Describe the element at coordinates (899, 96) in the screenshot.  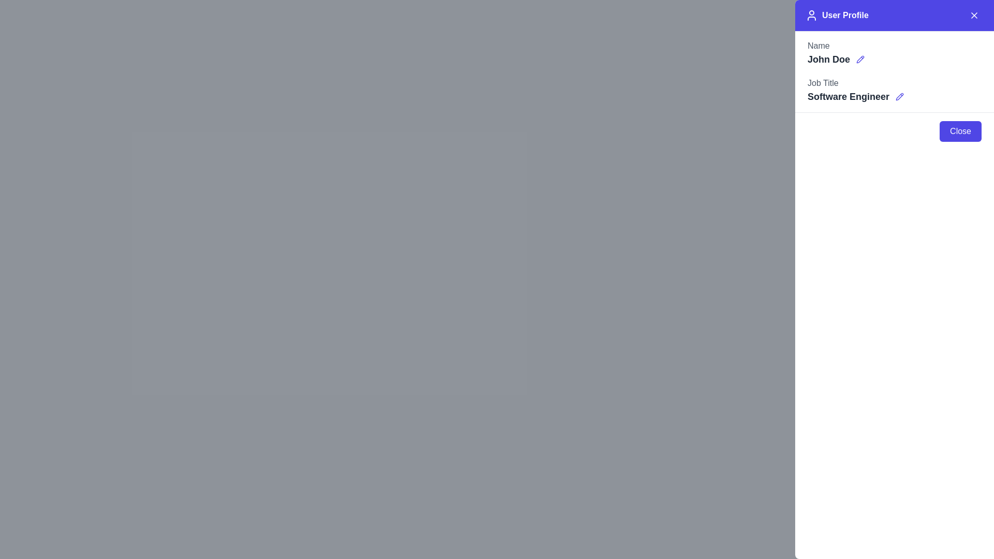
I see `the indigo pencil icon button located to the right of the 'Software Engineer' text in the 'Job Title' section` at that location.